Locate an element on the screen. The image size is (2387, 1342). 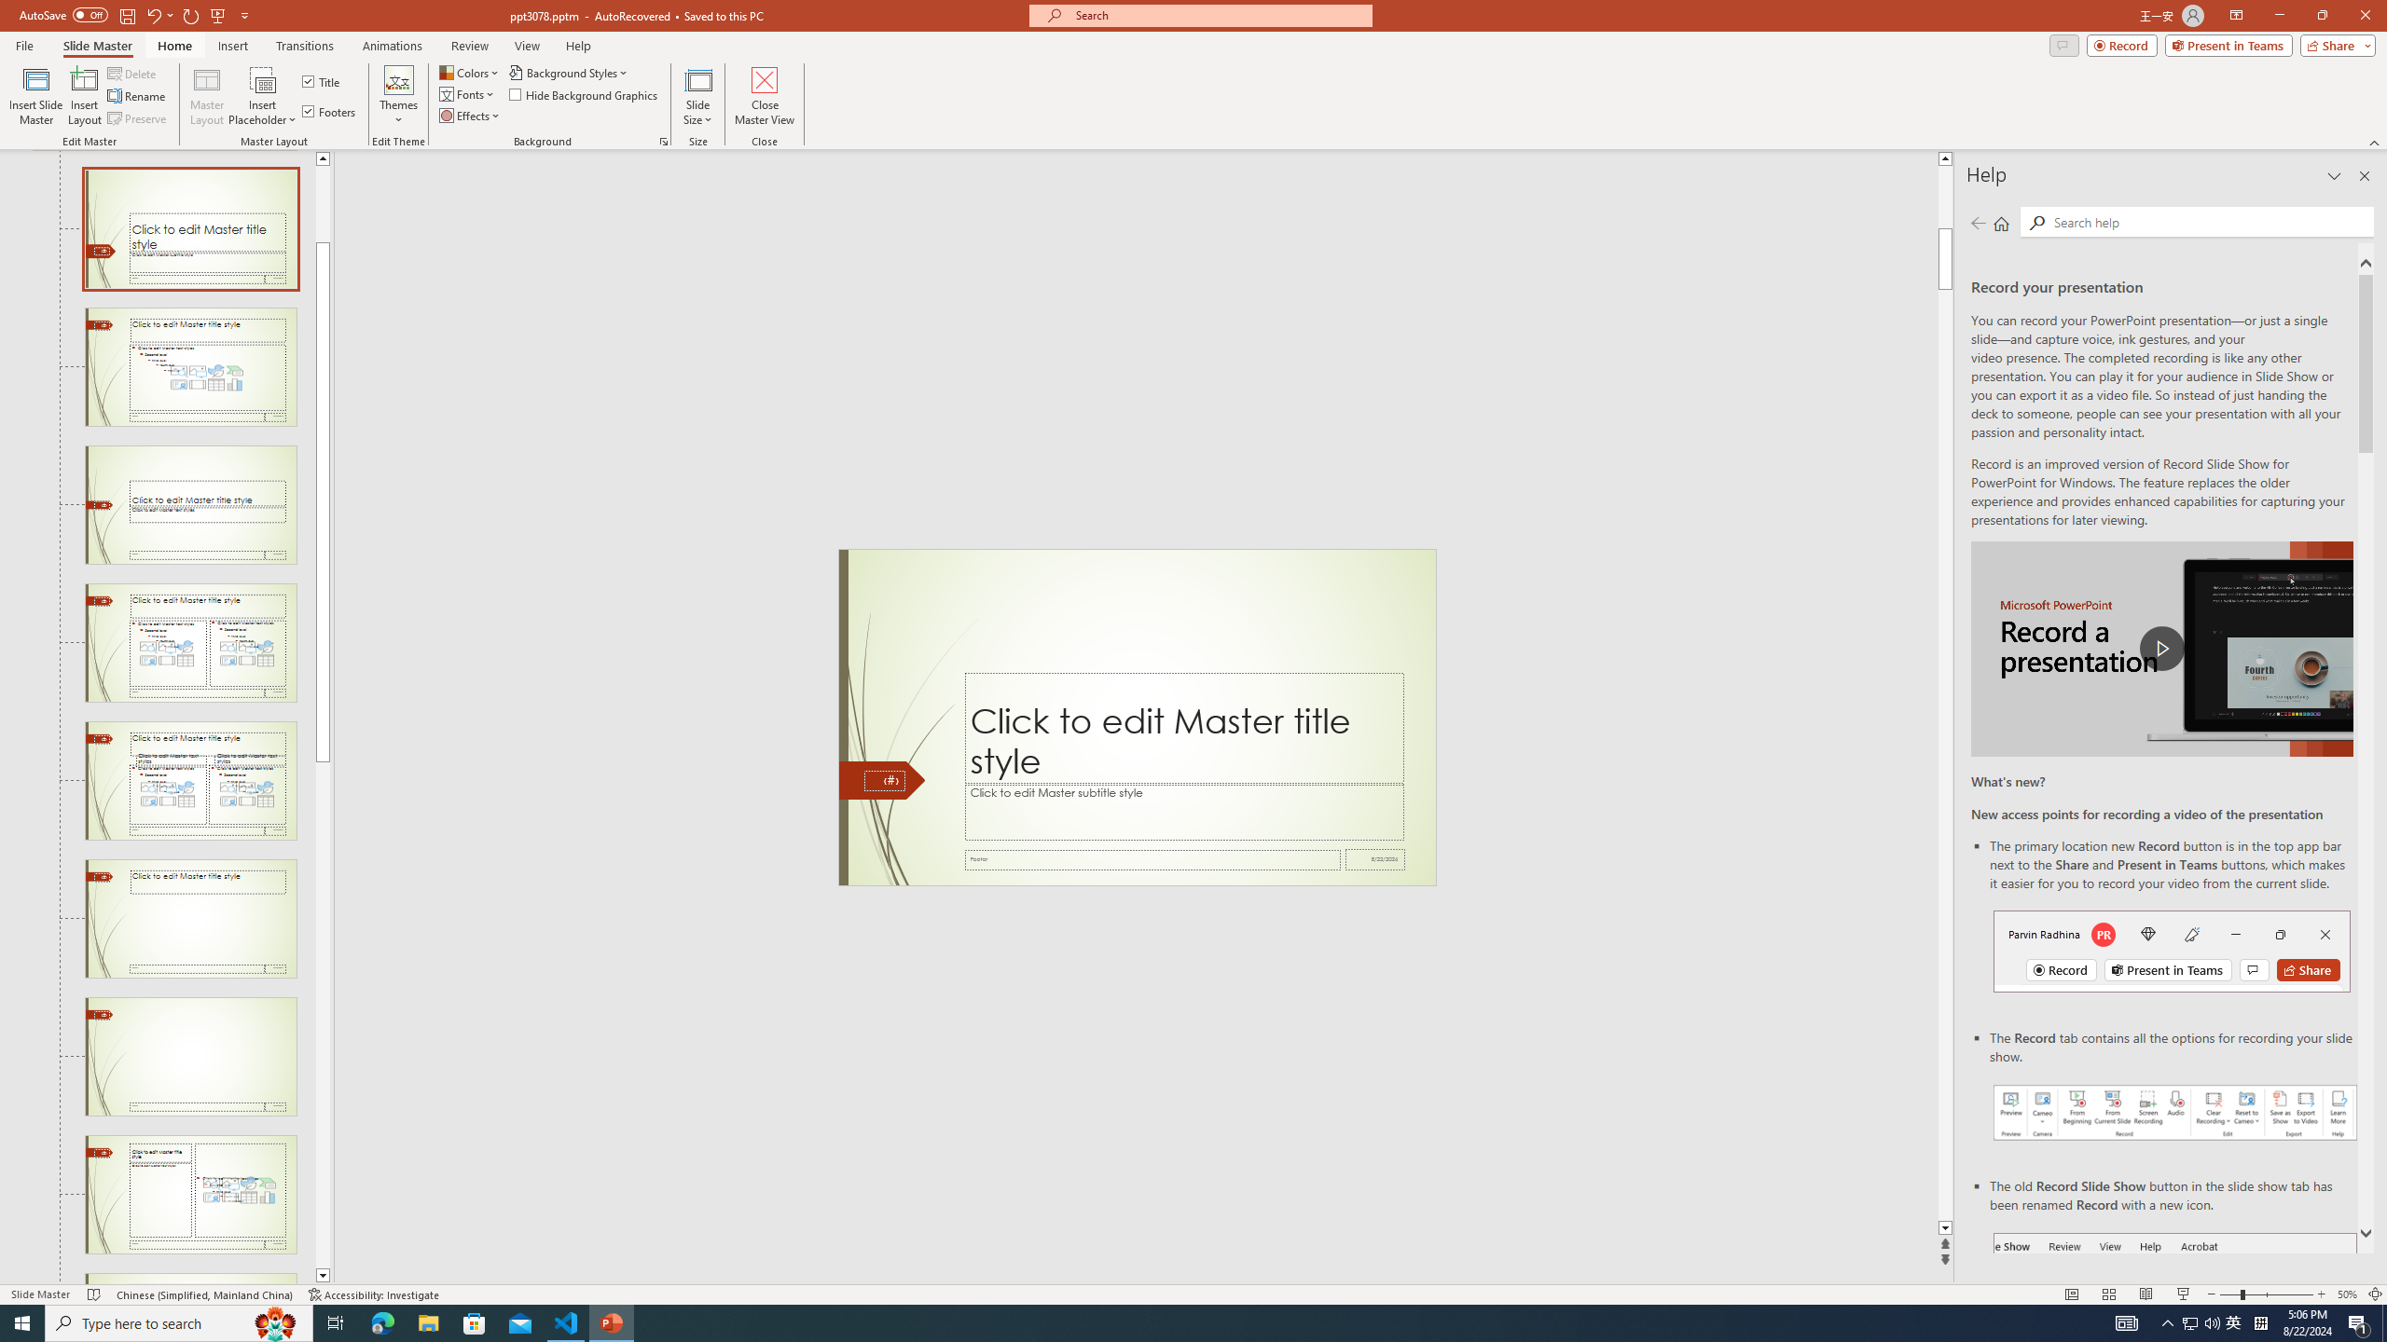
'Slide Master' is located at coordinates (96, 46).